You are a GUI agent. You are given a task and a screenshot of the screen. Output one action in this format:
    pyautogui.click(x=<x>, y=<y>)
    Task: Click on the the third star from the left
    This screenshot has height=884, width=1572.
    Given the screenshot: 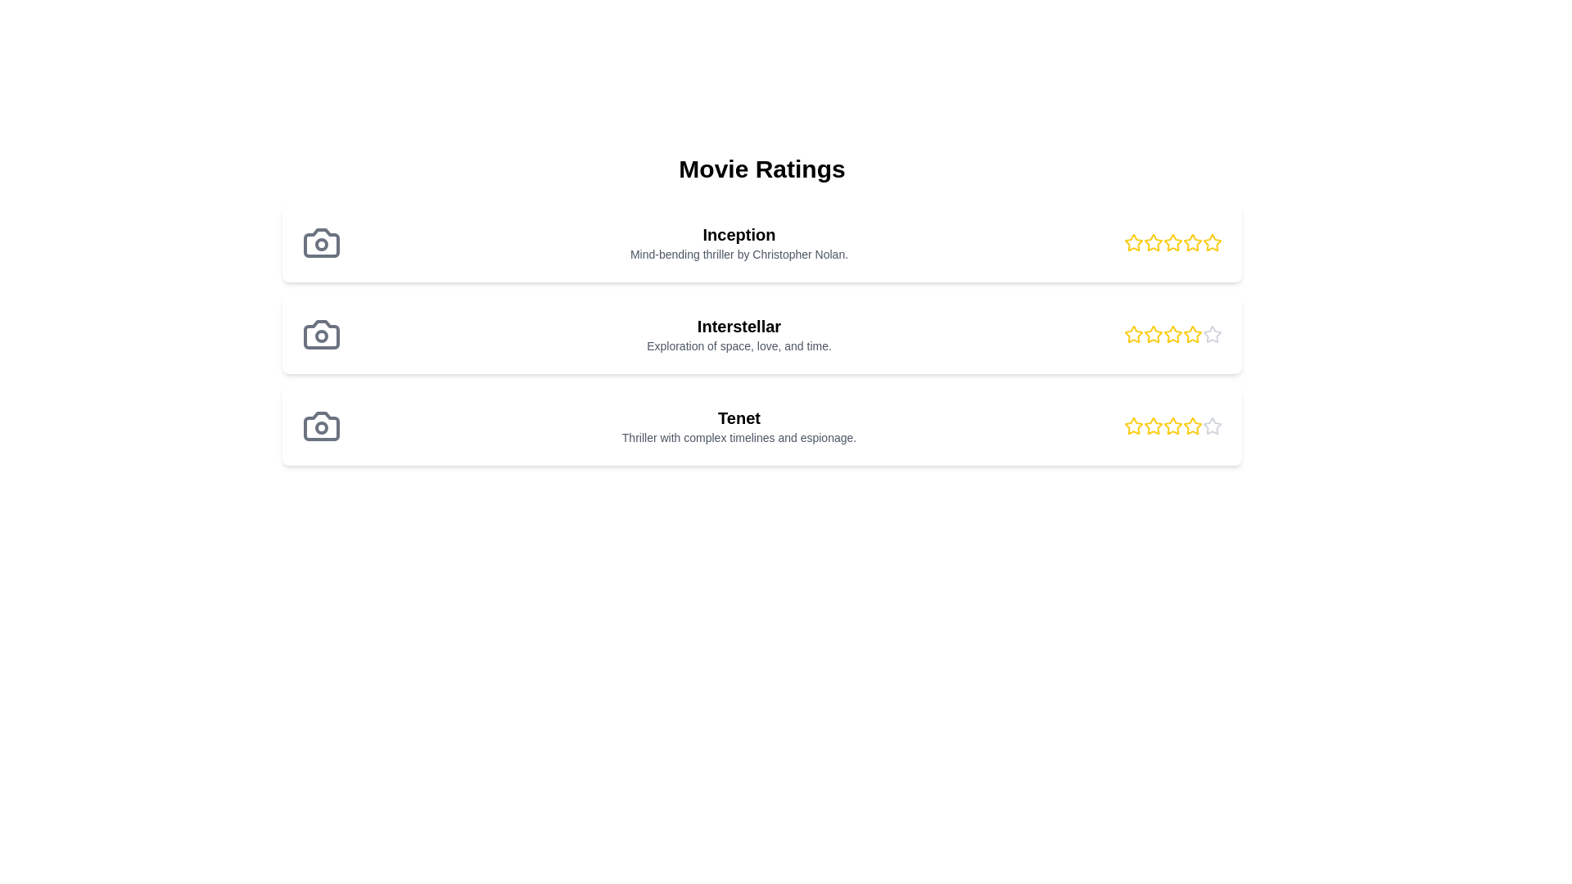 What is the action you would take?
    pyautogui.click(x=1193, y=333)
    